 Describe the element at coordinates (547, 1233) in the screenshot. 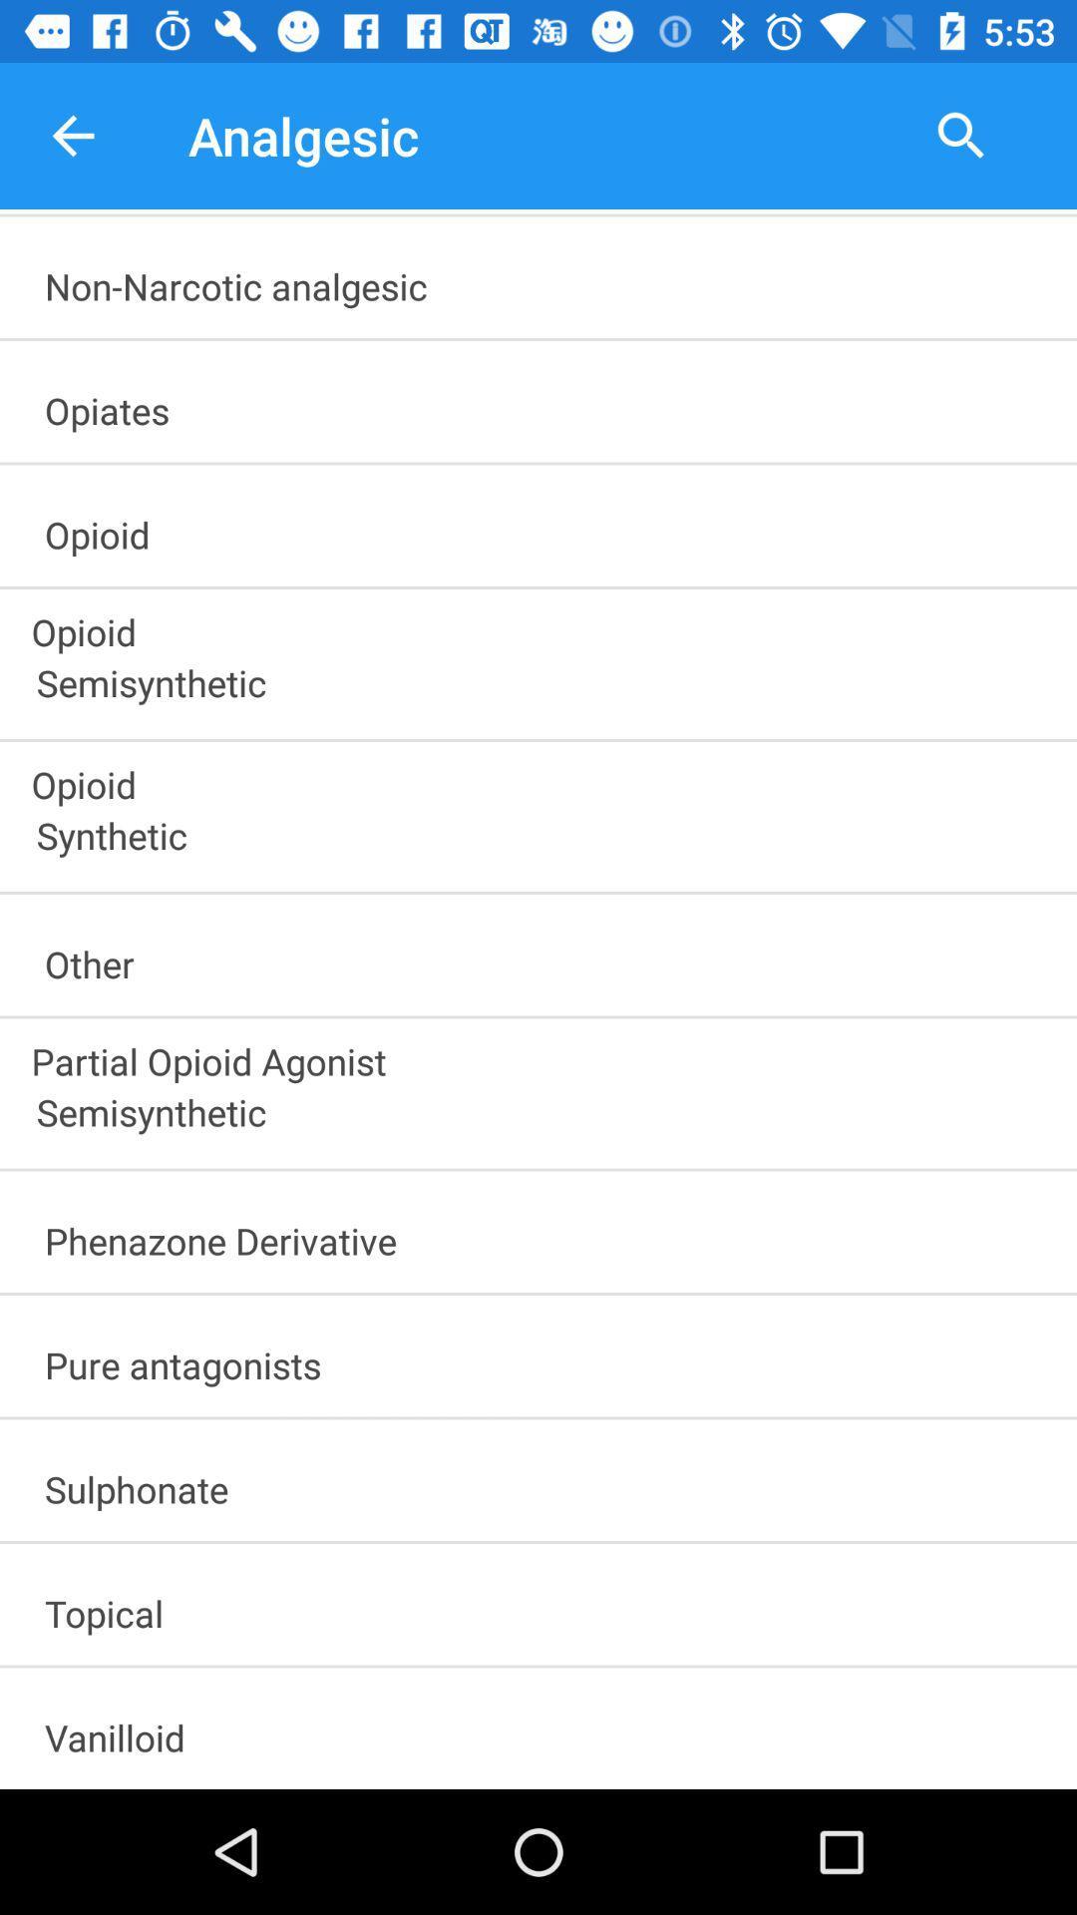

I see `the item below semisynthetic item` at that location.